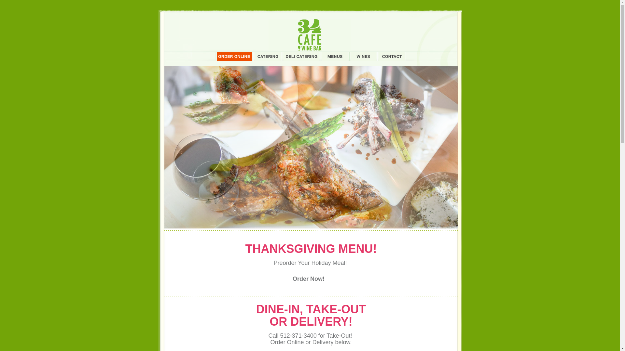 The width and height of the screenshot is (625, 351). I want to click on 'Order Now!', so click(311, 278).